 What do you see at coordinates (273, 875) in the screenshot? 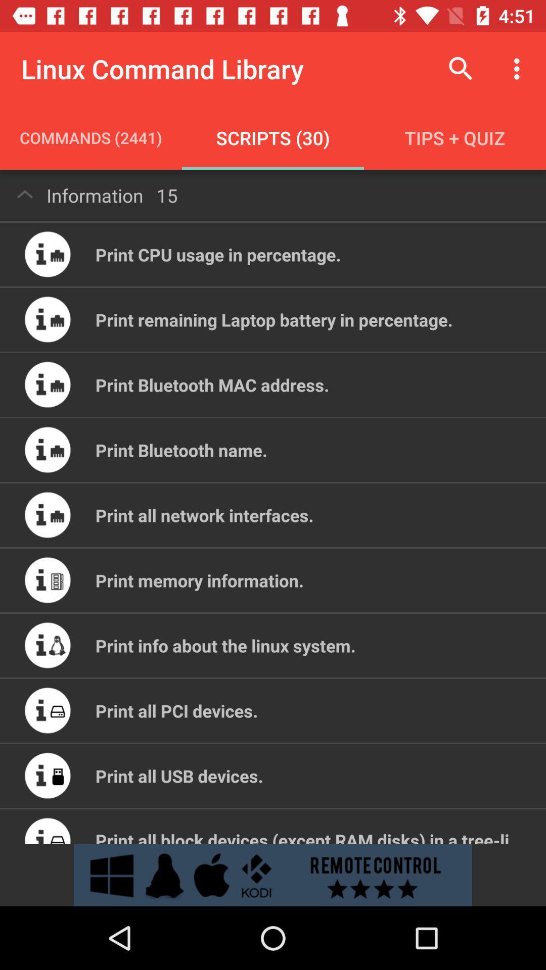
I see `open banner advertisement` at bounding box center [273, 875].